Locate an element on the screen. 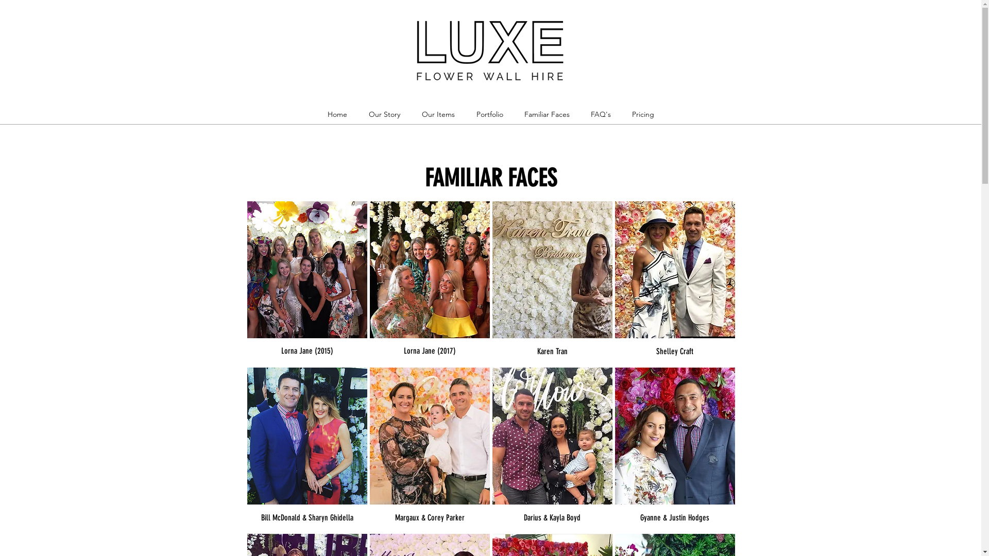  'Home' is located at coordinates (336, 114).